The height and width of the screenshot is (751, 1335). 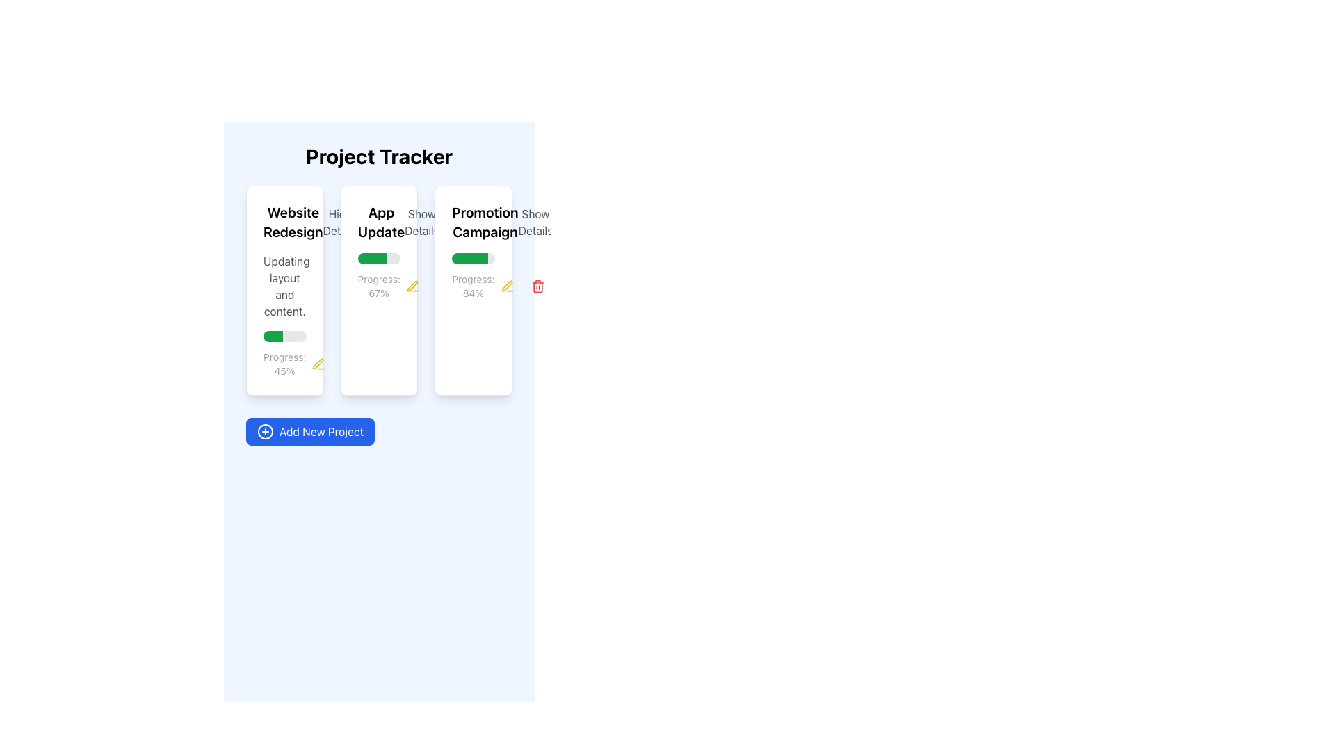 I want to click on the icons within the 'Promotion Campaign' card element for actions like edit or delete, so click(x=474, y=289).